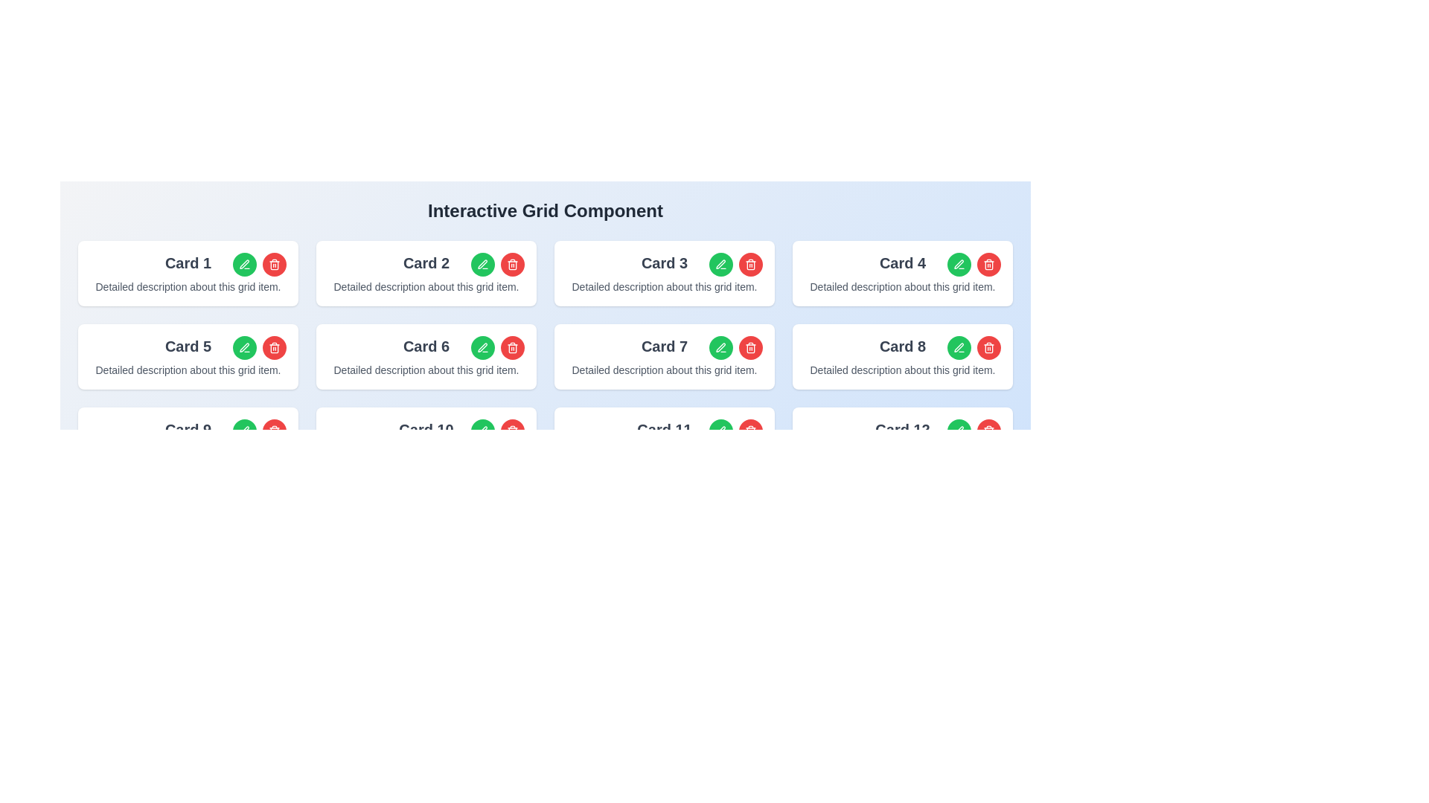  Describe the element at coordinates (260, 347) in the screenshot. I see `the green button with a pen icon` at that location.